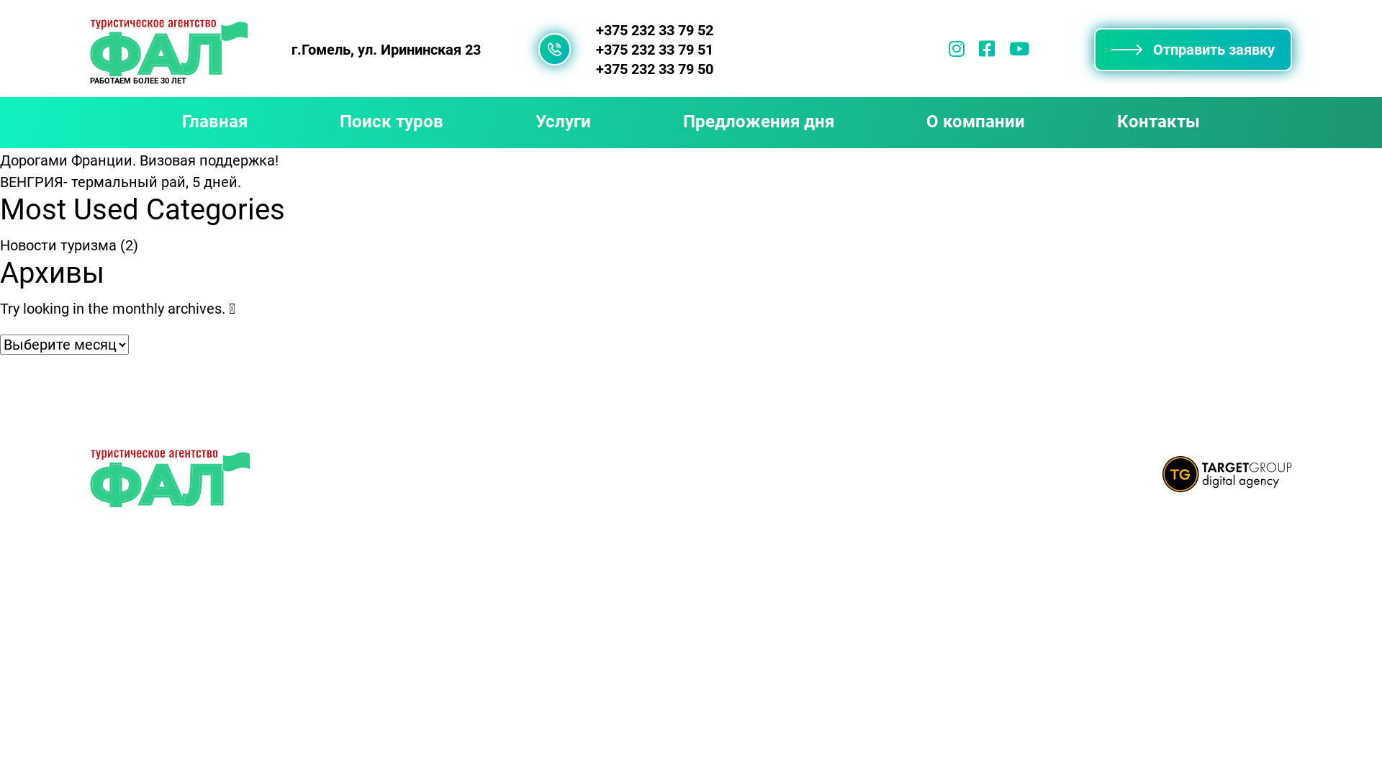 Image resolution: width=1382 pixels, height=777 pixels. What do you see at coordinates (654, 30) in the screenshot?
I see `'+375 232 33 79 52'` at bounding box center [654, 30].